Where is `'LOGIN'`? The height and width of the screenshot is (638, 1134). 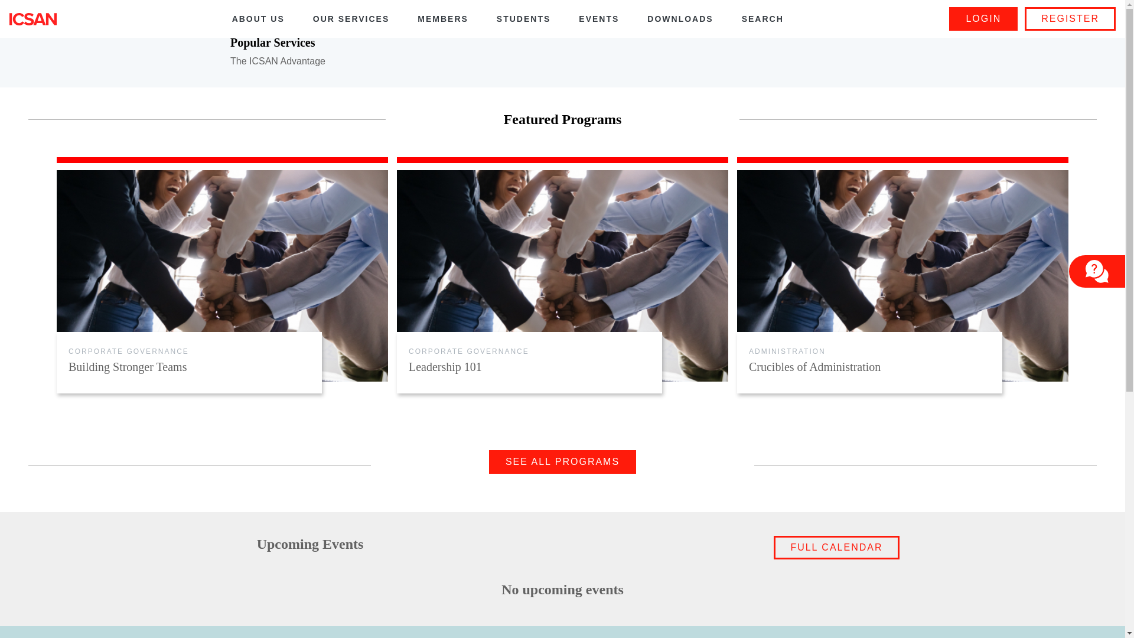 'LOGIN' is located at coordinates (949, 18).